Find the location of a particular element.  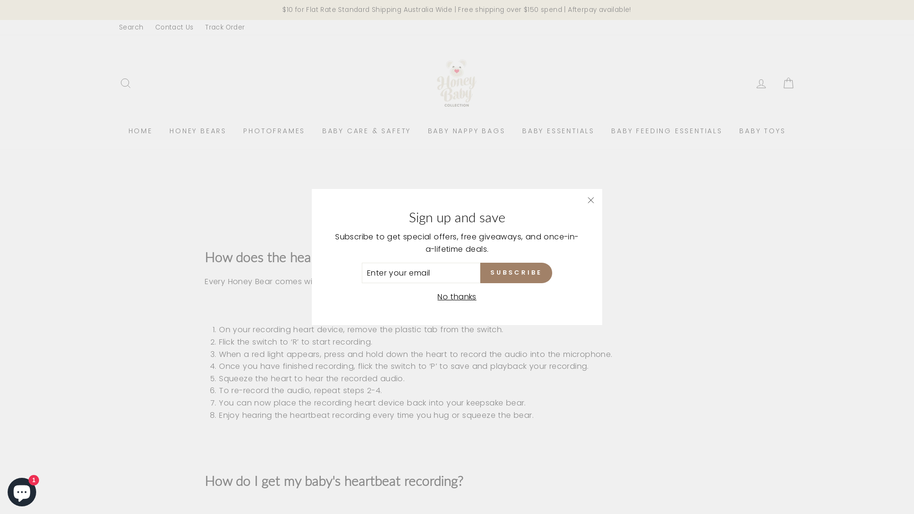

'HOME' is located at coordinates (120, 130).